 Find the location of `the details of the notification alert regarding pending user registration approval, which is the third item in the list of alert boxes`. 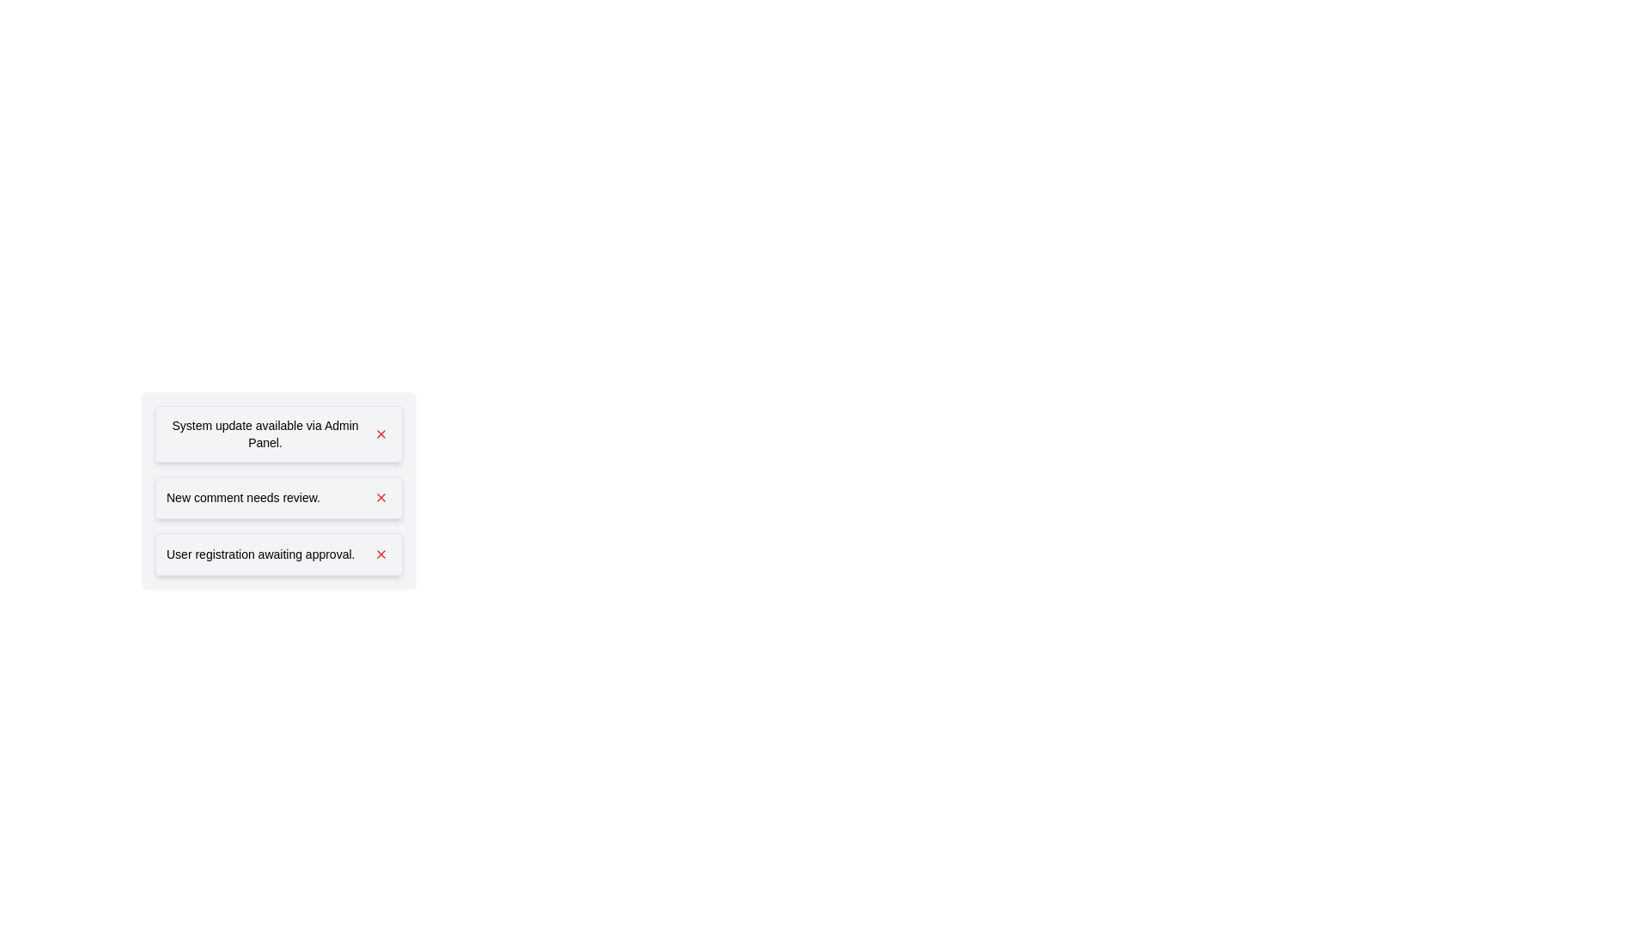

the details of the notification alert regarding pending user registration approval, which is the third item in the list of alert boxes is located at coordinates (279, 554).